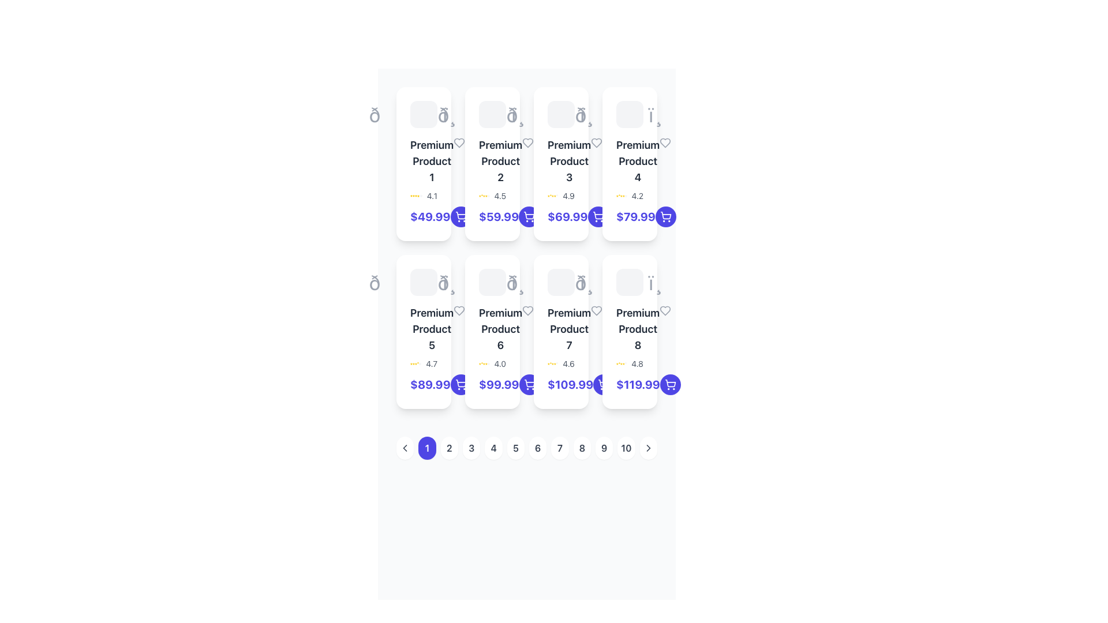 This screenshot has height=623, width=1108. What do you see at coordinates (561, 329) in the screenshot?
I see `the text label that reads 'Premium Product 7', located in the second row and third column of the grid layout, above the price and rating information` at bounding box center [561, 329].